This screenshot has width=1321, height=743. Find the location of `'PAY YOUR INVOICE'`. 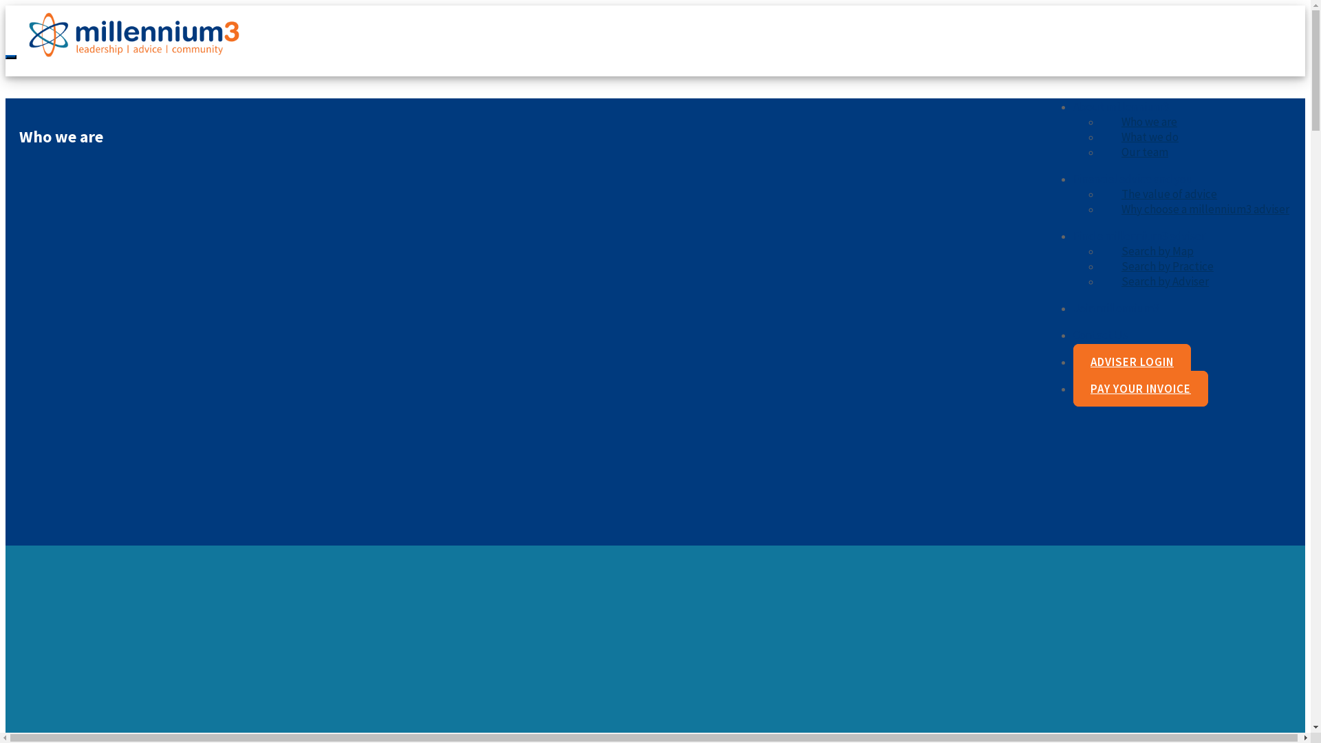

'PAY YOUR INVOICE' is located at coordinates (1140, 388).